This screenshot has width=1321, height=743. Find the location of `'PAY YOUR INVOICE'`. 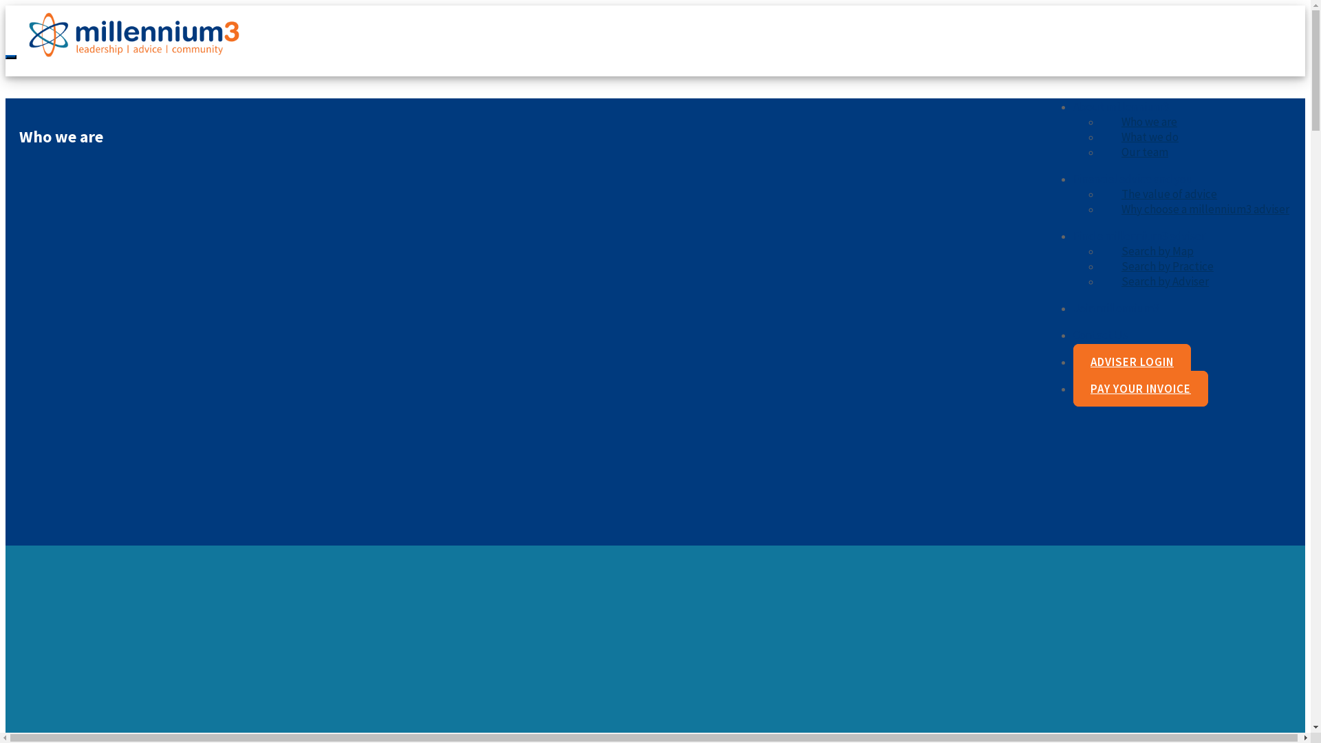

'PAY YOUR INVOICE' is located at coordinates (1140, 388).